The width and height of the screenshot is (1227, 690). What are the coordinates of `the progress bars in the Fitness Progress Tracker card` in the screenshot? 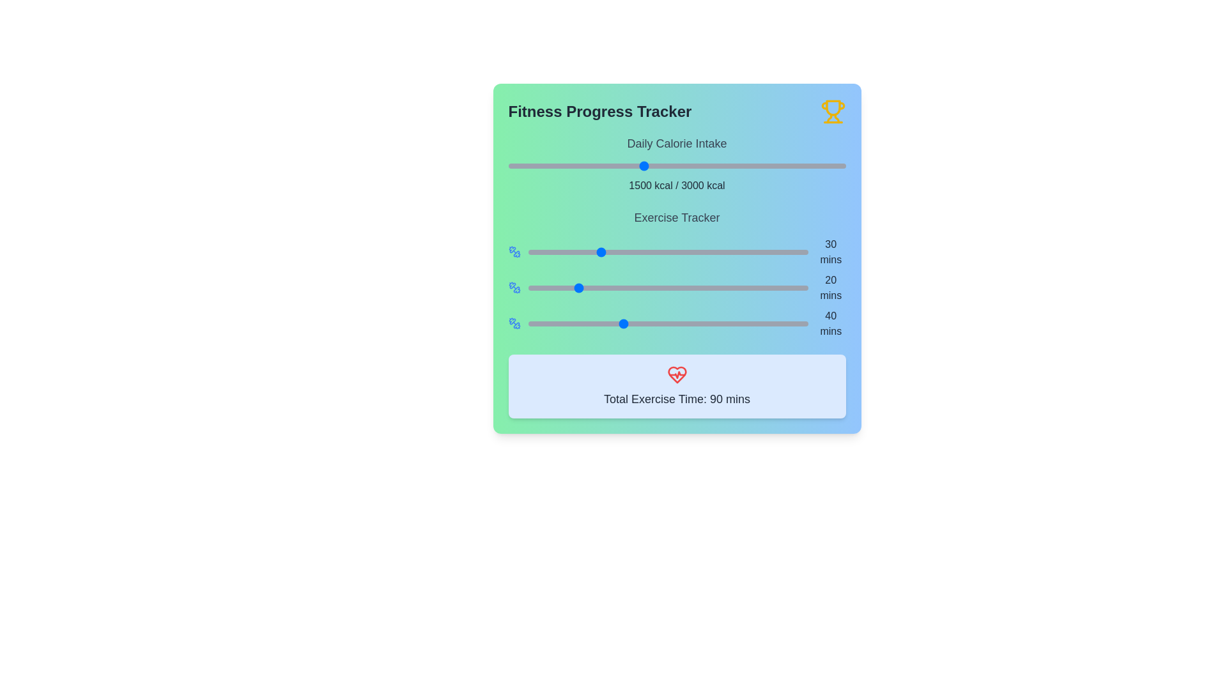 It's located at (676, 273).